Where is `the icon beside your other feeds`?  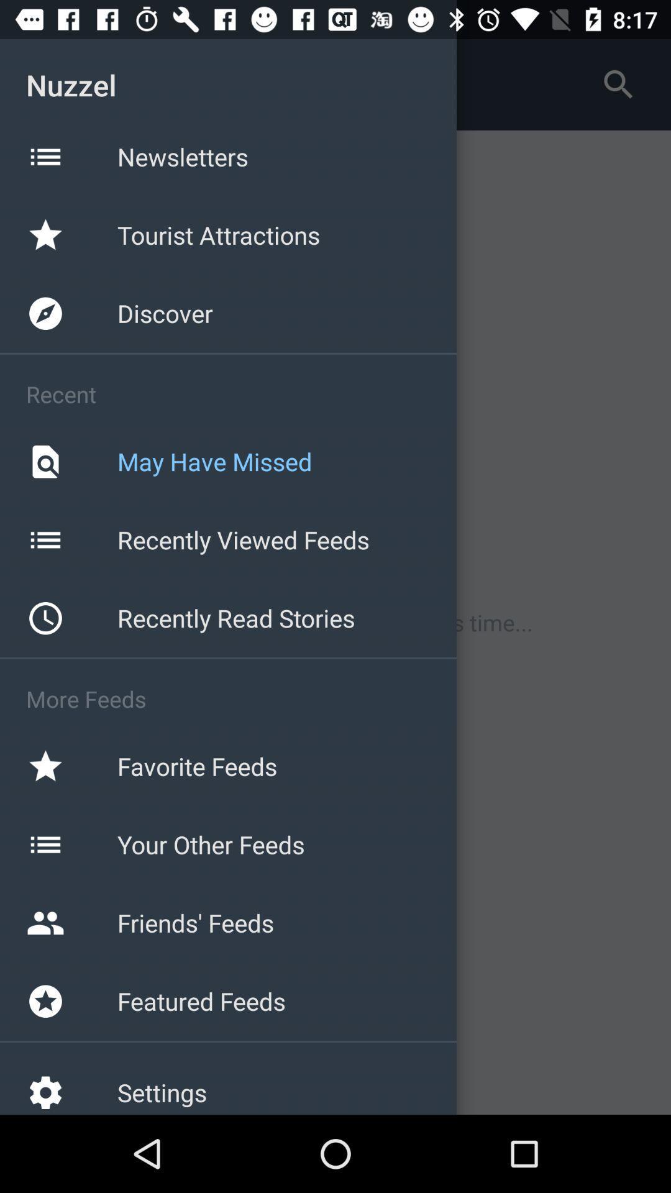
the icon beside your other feeds is located at coordinates (45, 844).